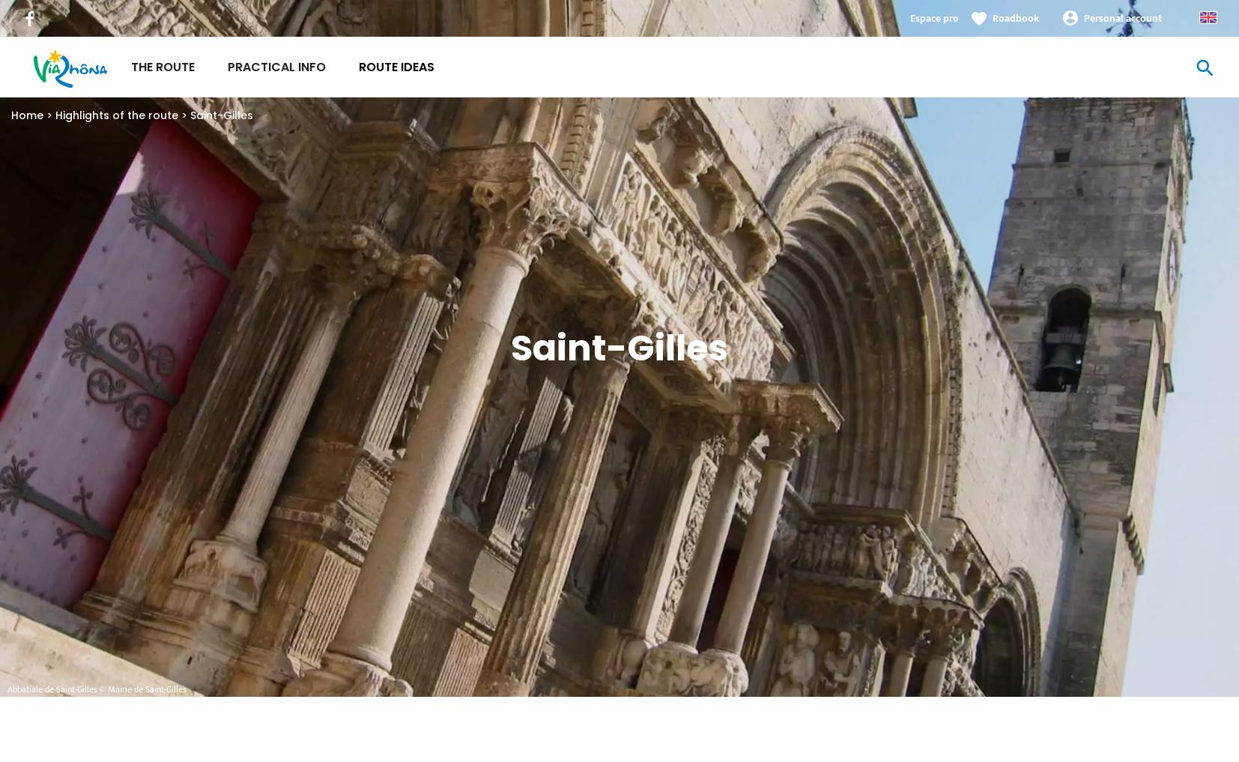  I want to click on 'Abbatiale de Saint-Gilles © Mairie de Saint-Gilles', so click(96, 688).